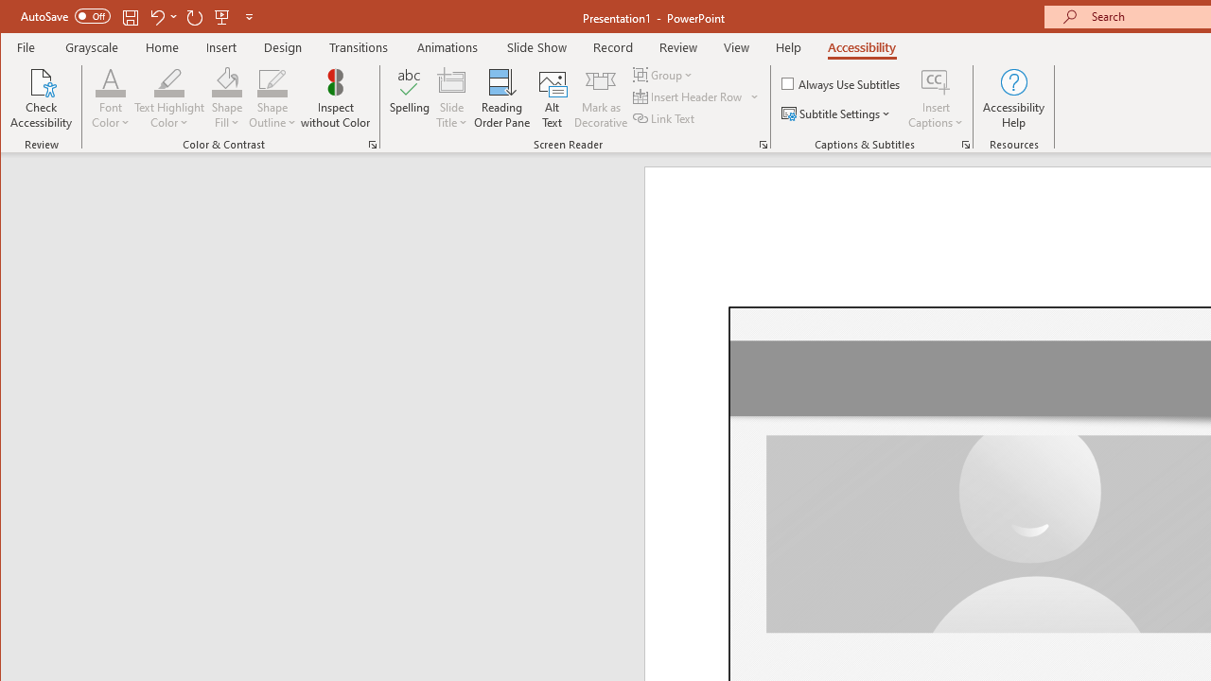 The image size is (1211, 681). What do you see at coordinates (965, 144) in the screenshot?
I see `'Captions & Subtitles'` at bounding box center [965, 144].